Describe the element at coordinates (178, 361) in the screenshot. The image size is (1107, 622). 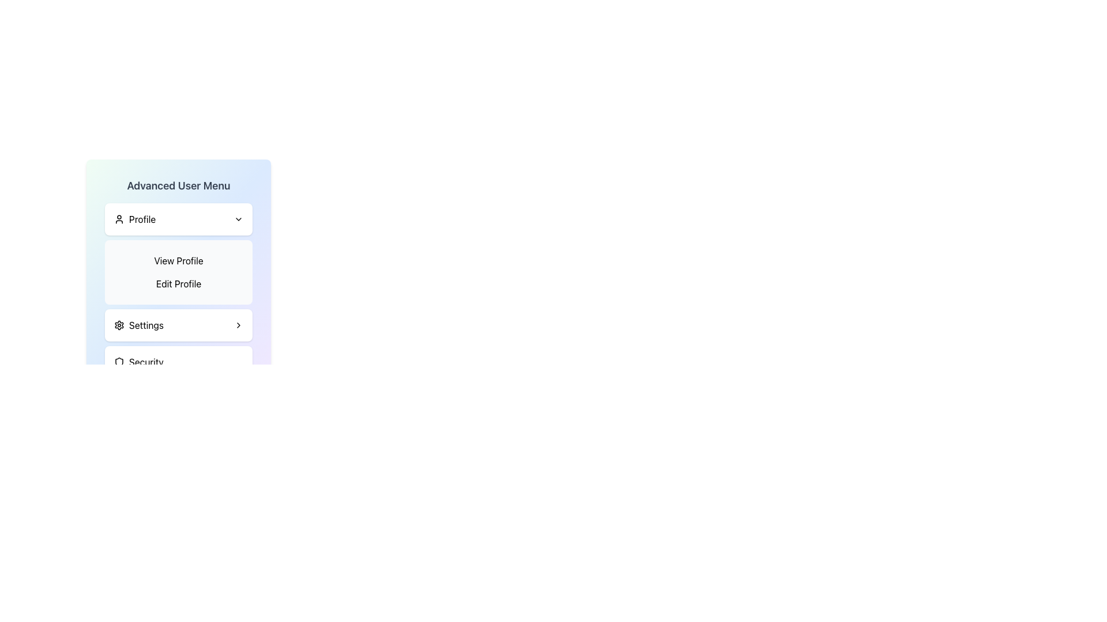
I see `the 'Security' menu item, which is the fourth option in the vertical list` at that location.